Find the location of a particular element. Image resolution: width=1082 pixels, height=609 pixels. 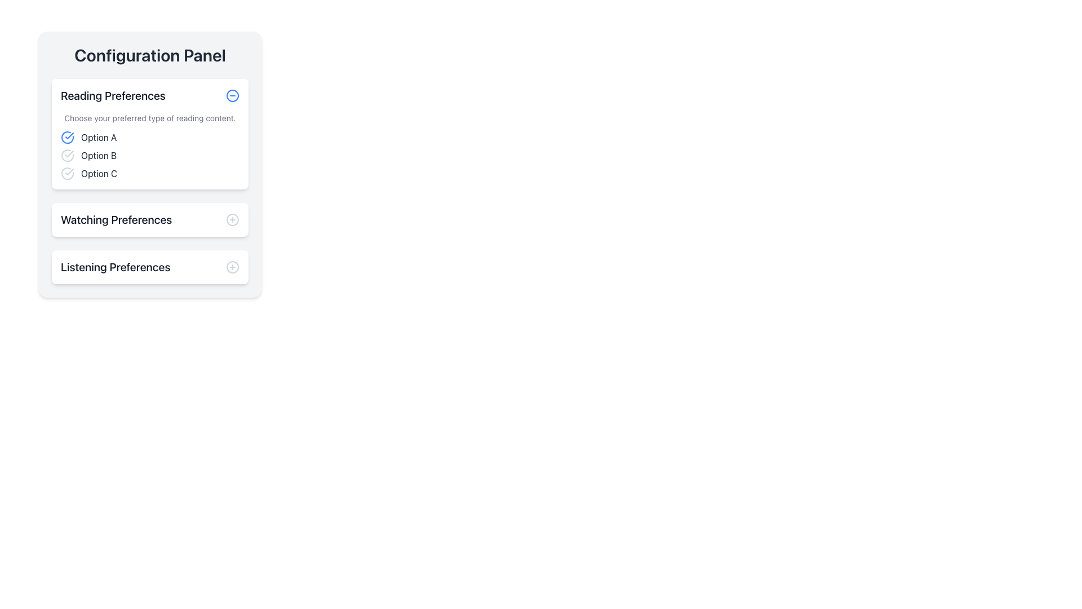

the 'Reading Preferences' section is located at coordinates (149, 180).